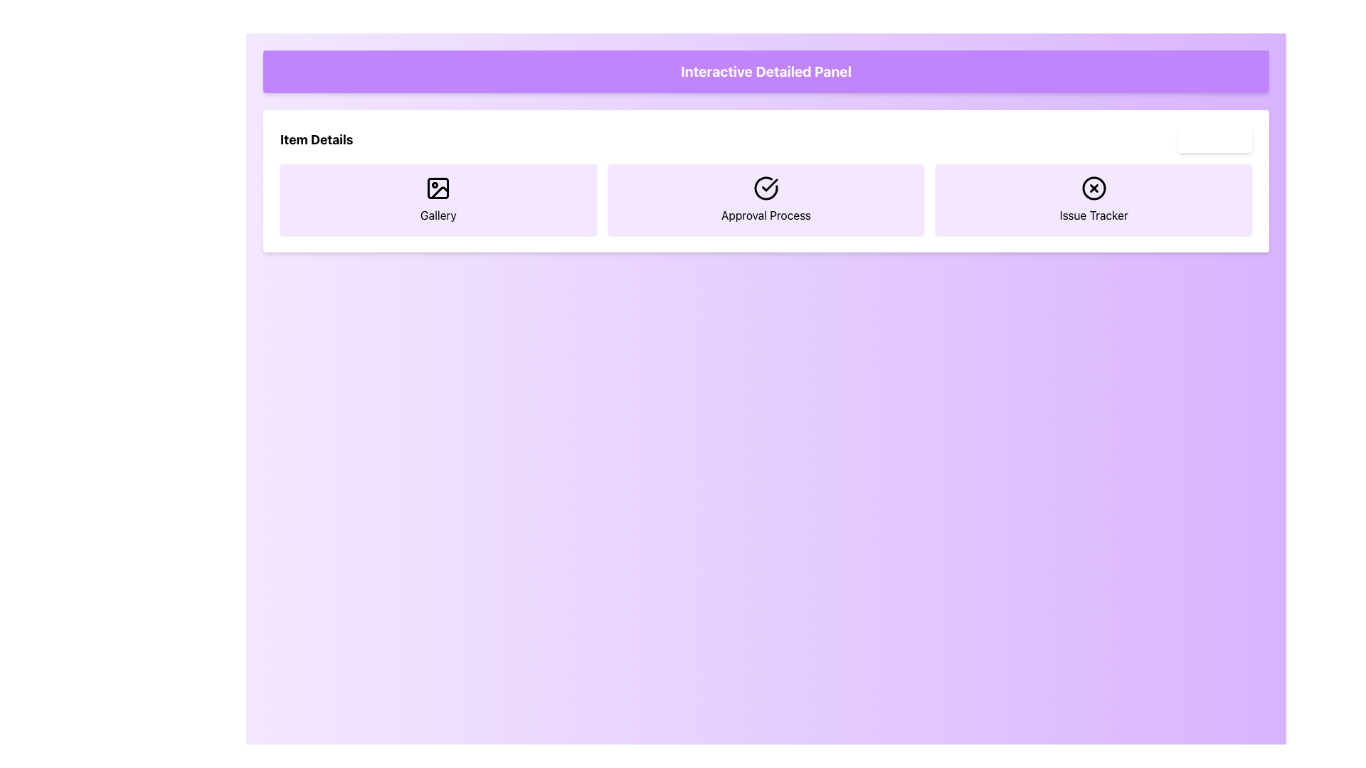  I want to click on the close button icon located in the 'Issue Tracker' section of the menu bar, so click(1093, 188).